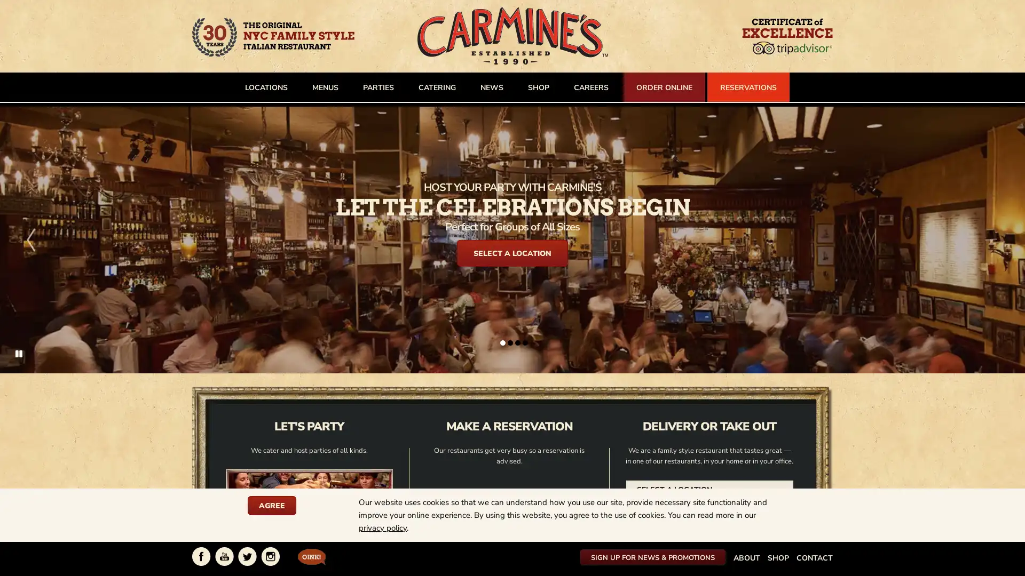 This screenshot has height=576, width=1025. What do you see at coordinates (30, 239) in the screenshot?
I see `Previous` at bounding box center [30, 239].